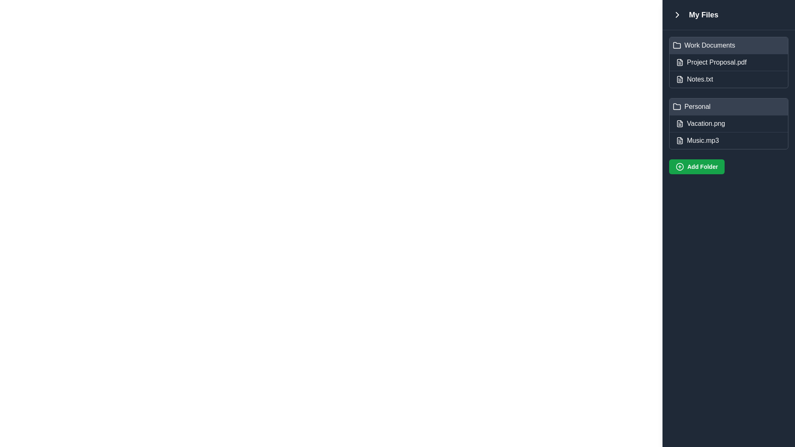 The width and height of the screenshot is (795, 447). What do you see at coordinates (699, 79) in the screenshot?
I see `the label displaying the file name in the right sidebar under the 'Work Documents' folder` at bounding box center [699, 79].